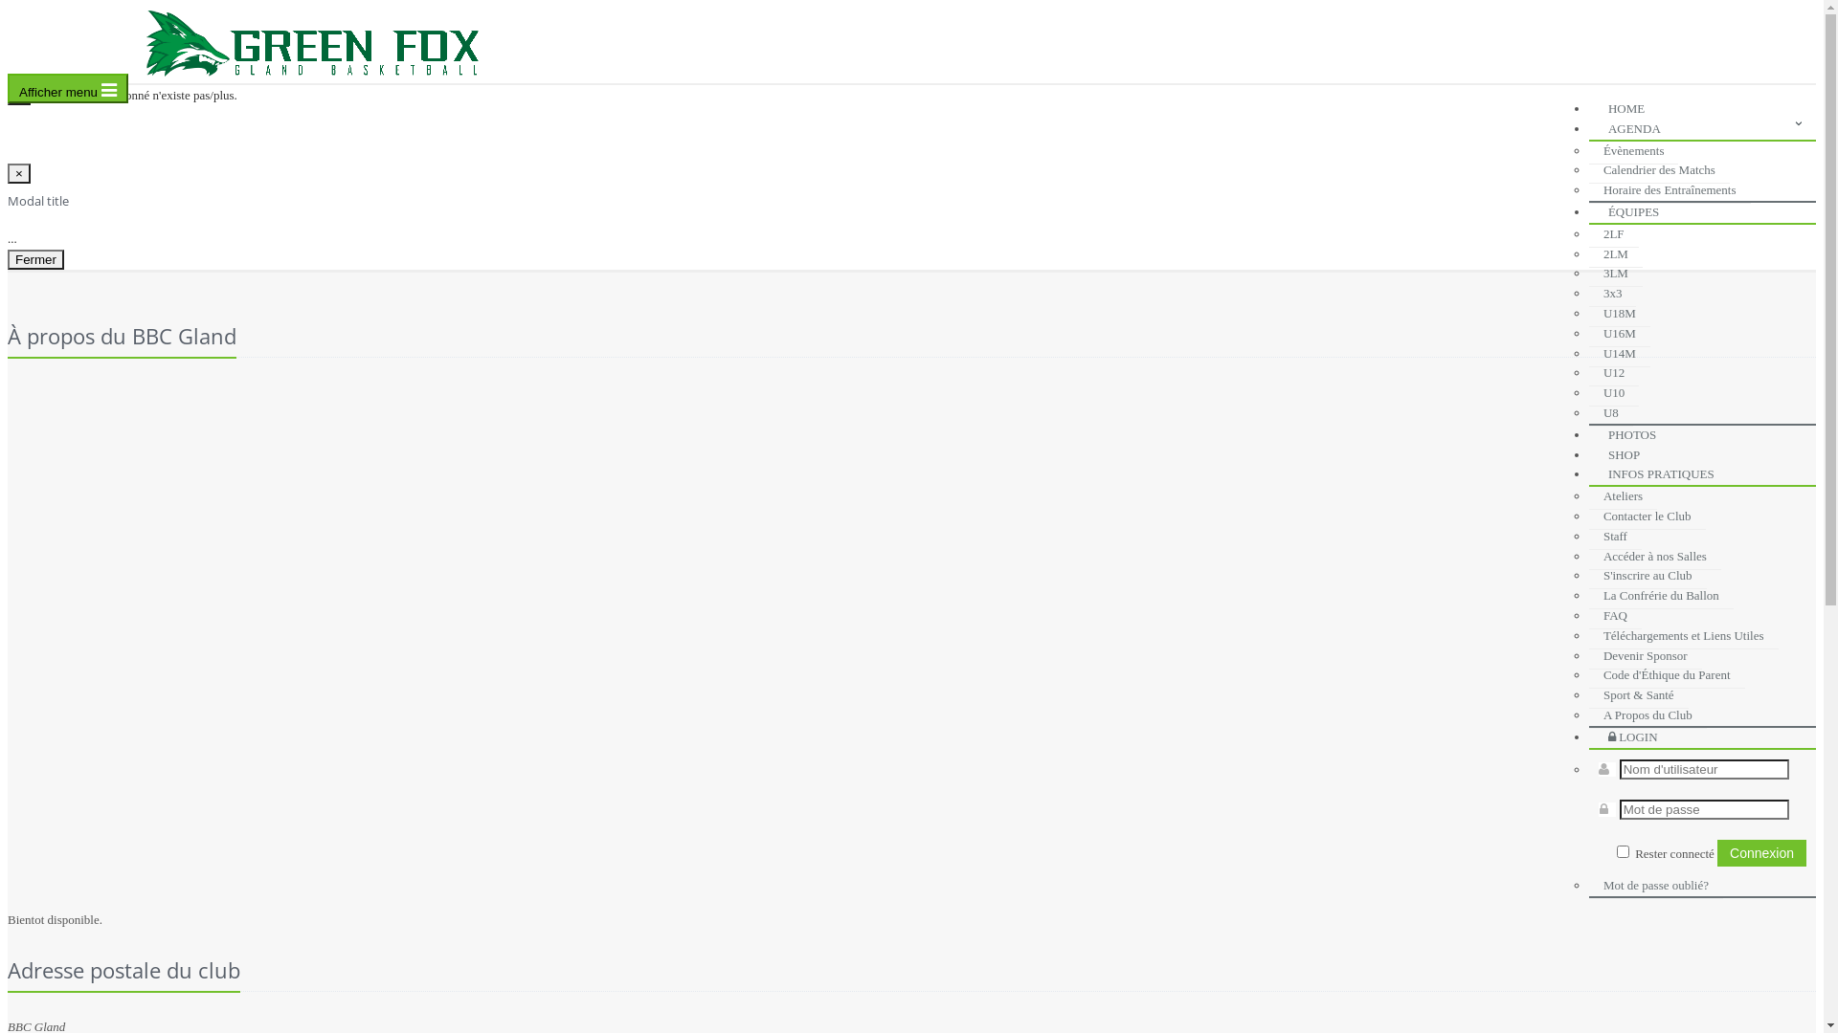 This screenshot has width=1838, height=1033. Describe the element at coordinates (1615, 253) in the screenshot. I see `'2LM'` at that location.